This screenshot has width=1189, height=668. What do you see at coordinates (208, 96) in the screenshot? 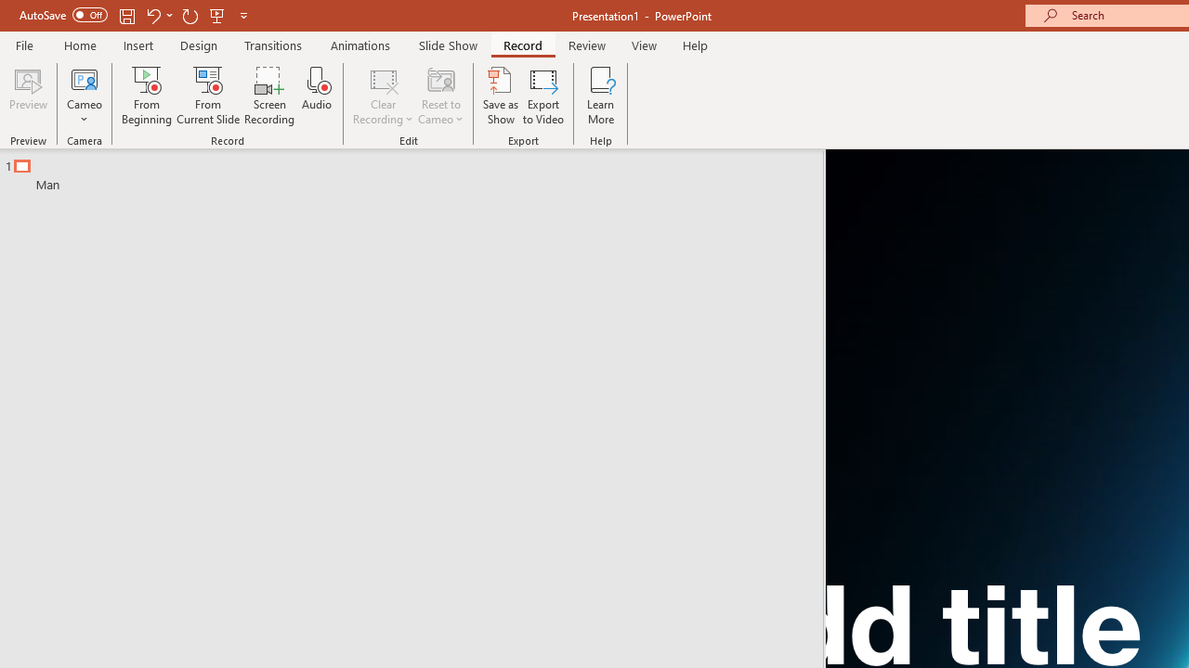
I see `'From Current Slide...'` at bounding box center [208, 96].